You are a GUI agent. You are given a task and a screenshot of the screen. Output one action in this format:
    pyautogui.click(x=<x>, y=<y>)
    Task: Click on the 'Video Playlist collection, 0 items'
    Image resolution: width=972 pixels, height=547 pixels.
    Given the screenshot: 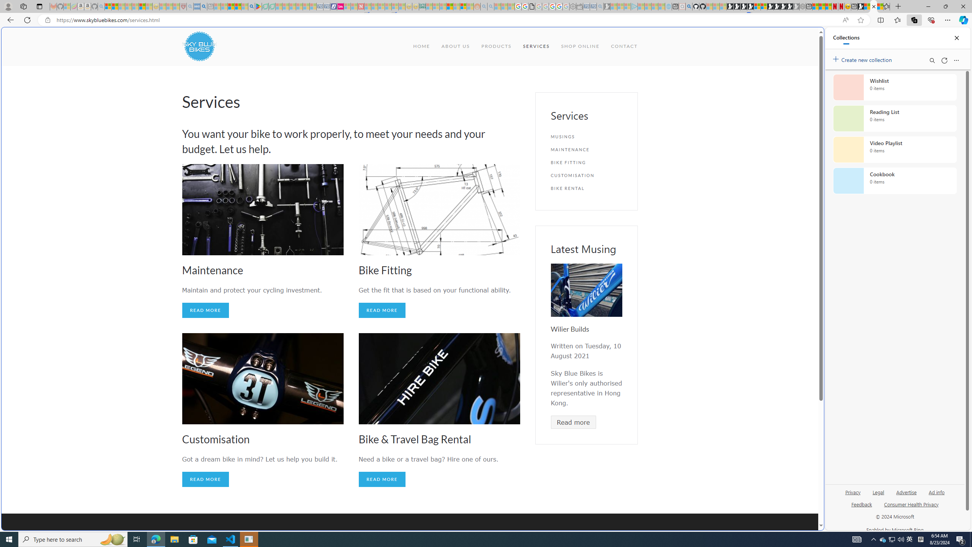 What is the action you would take?
    pyautogui.click(x=895, y=149)
    